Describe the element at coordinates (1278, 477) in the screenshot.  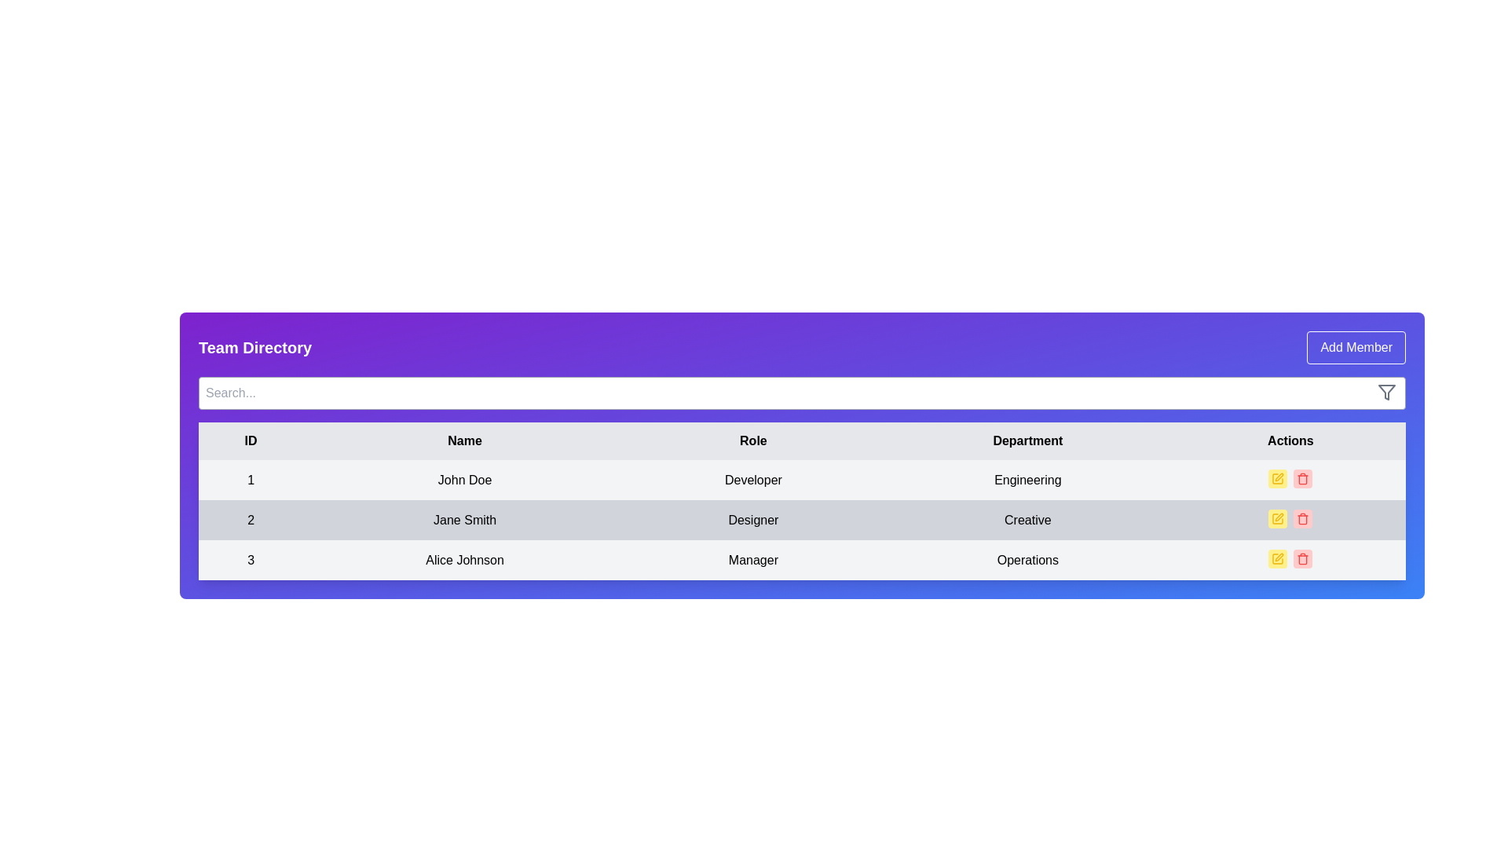
I see `the edit button located in the first row of action buttons, aligned to the right of the 'Actions' column` at that location.